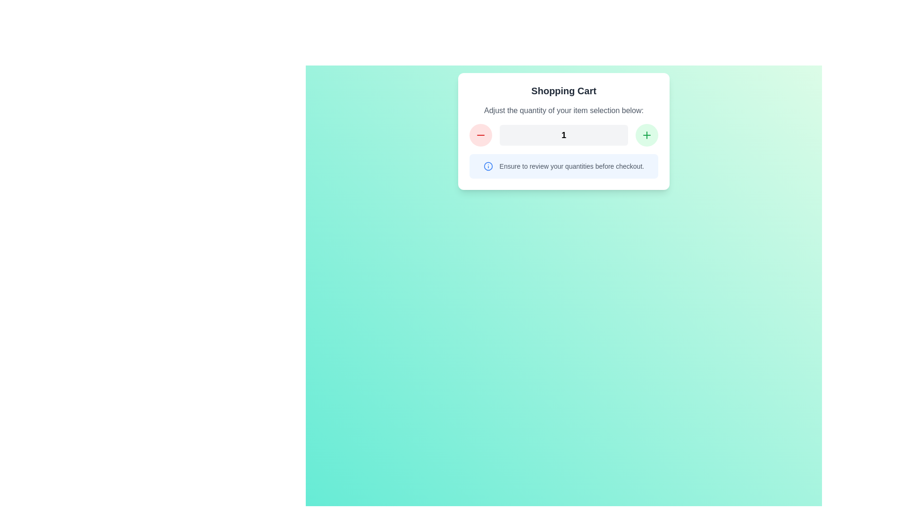 Image resolution: width=906 pixels, height=509 pixels. I want to click on information displayed in the text 'Ensure to review your quantities before checkout.' located within the light blue rounded rectangle in the center of the interface, so click(571, 166).